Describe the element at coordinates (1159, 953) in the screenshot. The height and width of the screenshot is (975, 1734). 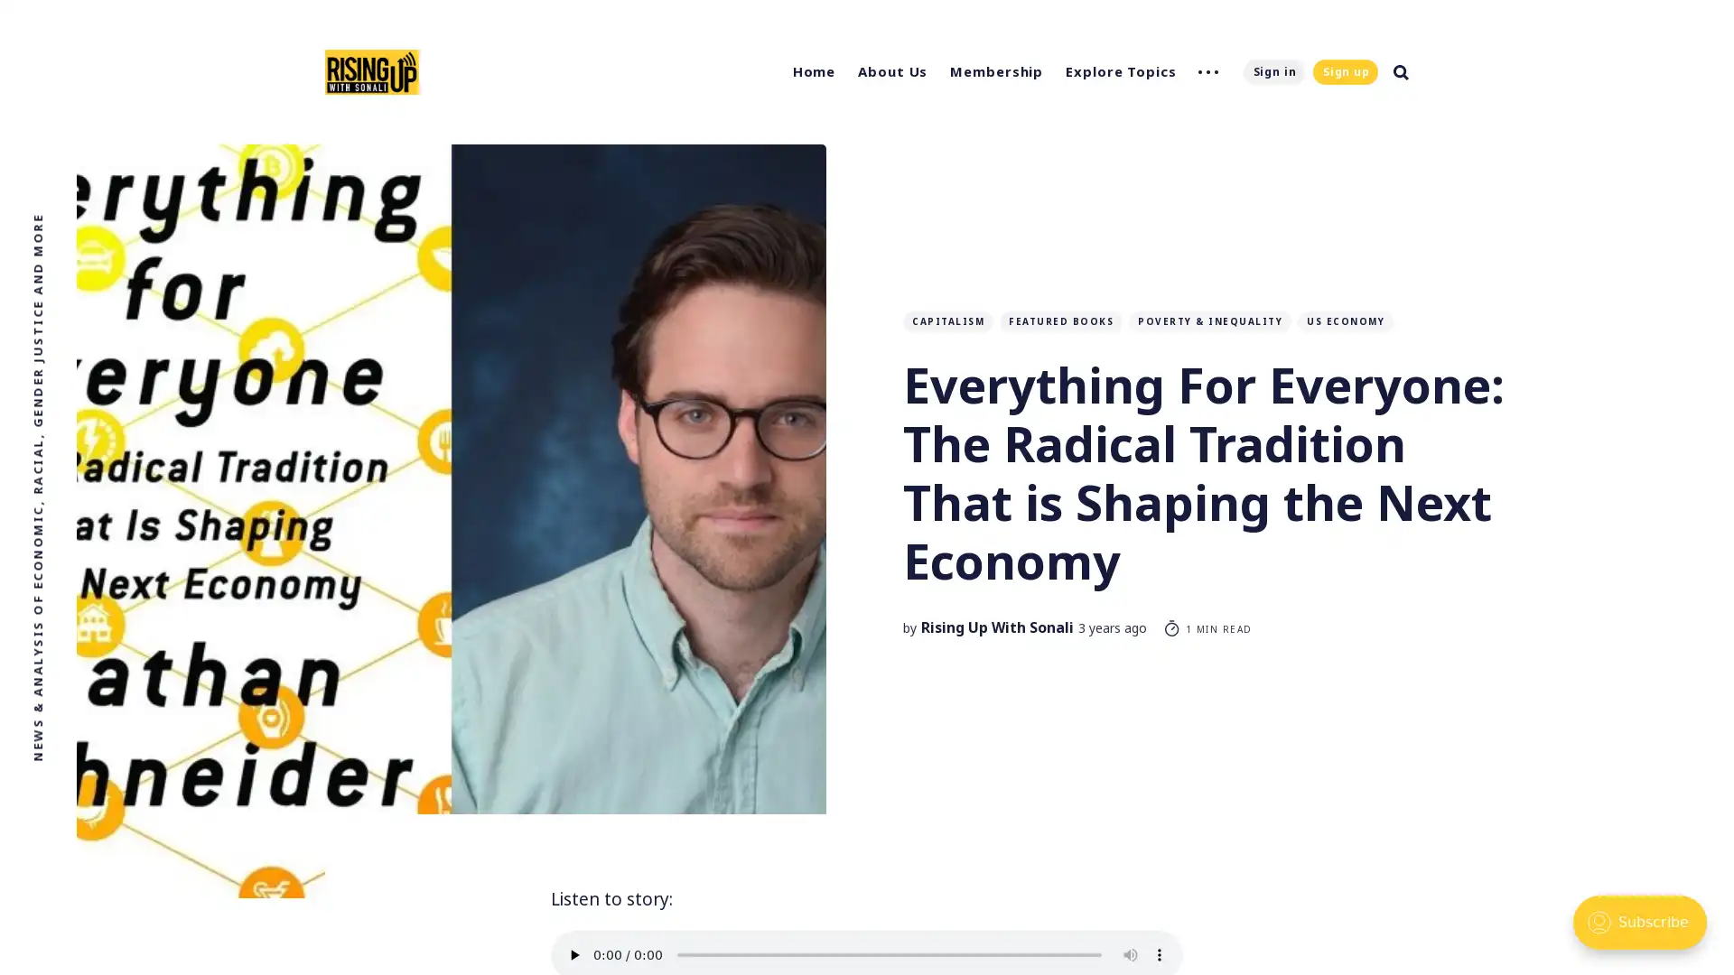
I see `show more media controls` at that location.